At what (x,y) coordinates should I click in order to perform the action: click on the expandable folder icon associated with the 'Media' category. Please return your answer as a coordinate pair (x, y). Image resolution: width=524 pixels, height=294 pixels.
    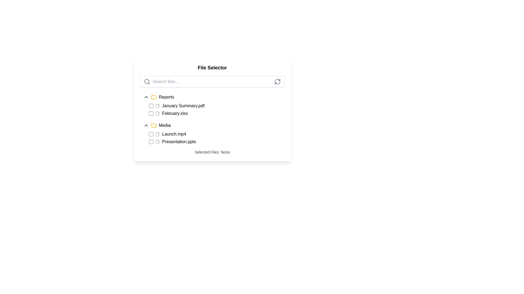
    Looking at the image, I should click on (154, 125).